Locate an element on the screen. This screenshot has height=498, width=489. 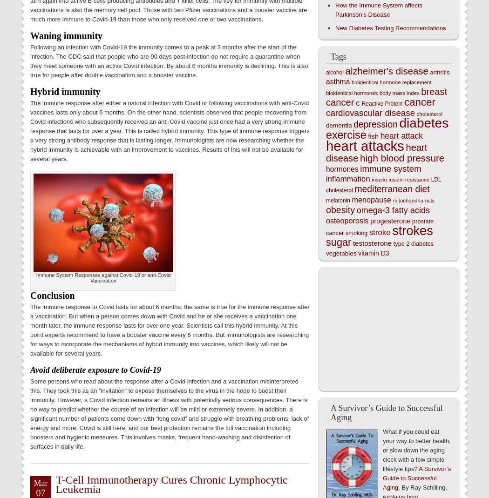
'hormones' is located at coordinates (341, 168).